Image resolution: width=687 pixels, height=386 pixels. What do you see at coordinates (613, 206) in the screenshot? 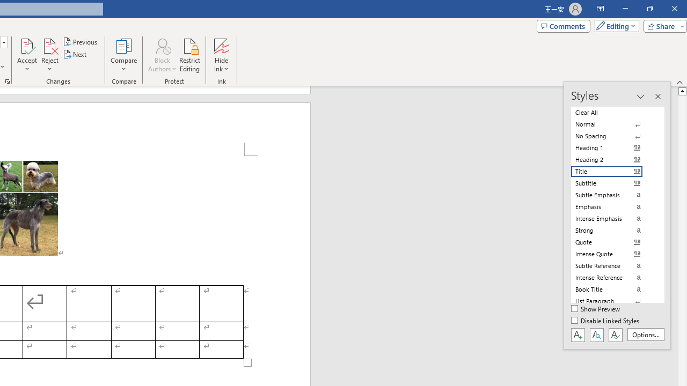
I see `'Emphasis'` at bounding box center [613, 206].